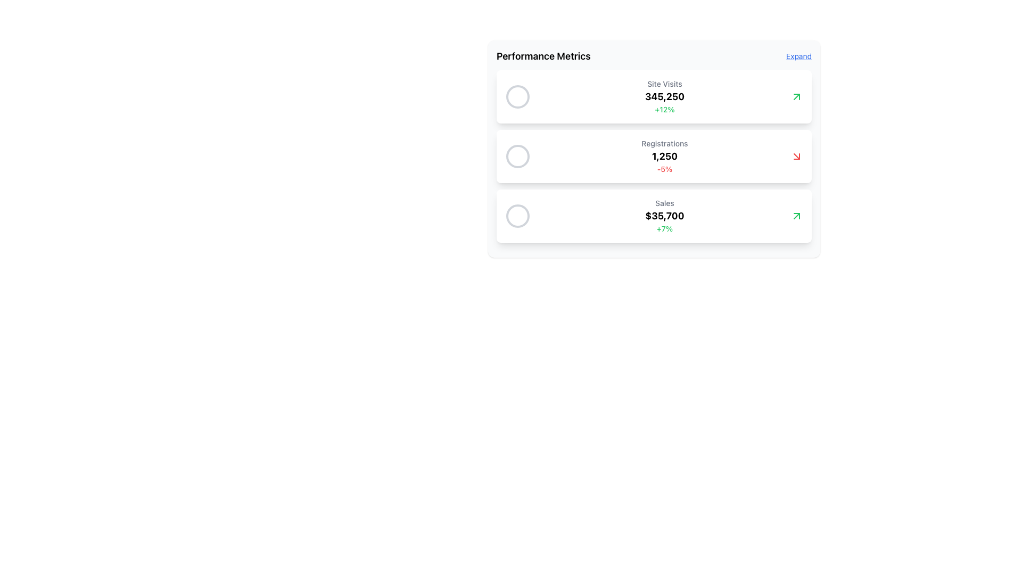  What do you see at coordinates (664, 203) in the screenshot?
I see `the 'Sales' text label that is displayed in a small, medium-weight, gray font, positioned above the '$35,700' sales figure in the sales metrics subpanel` at bounding box center [664, 203].